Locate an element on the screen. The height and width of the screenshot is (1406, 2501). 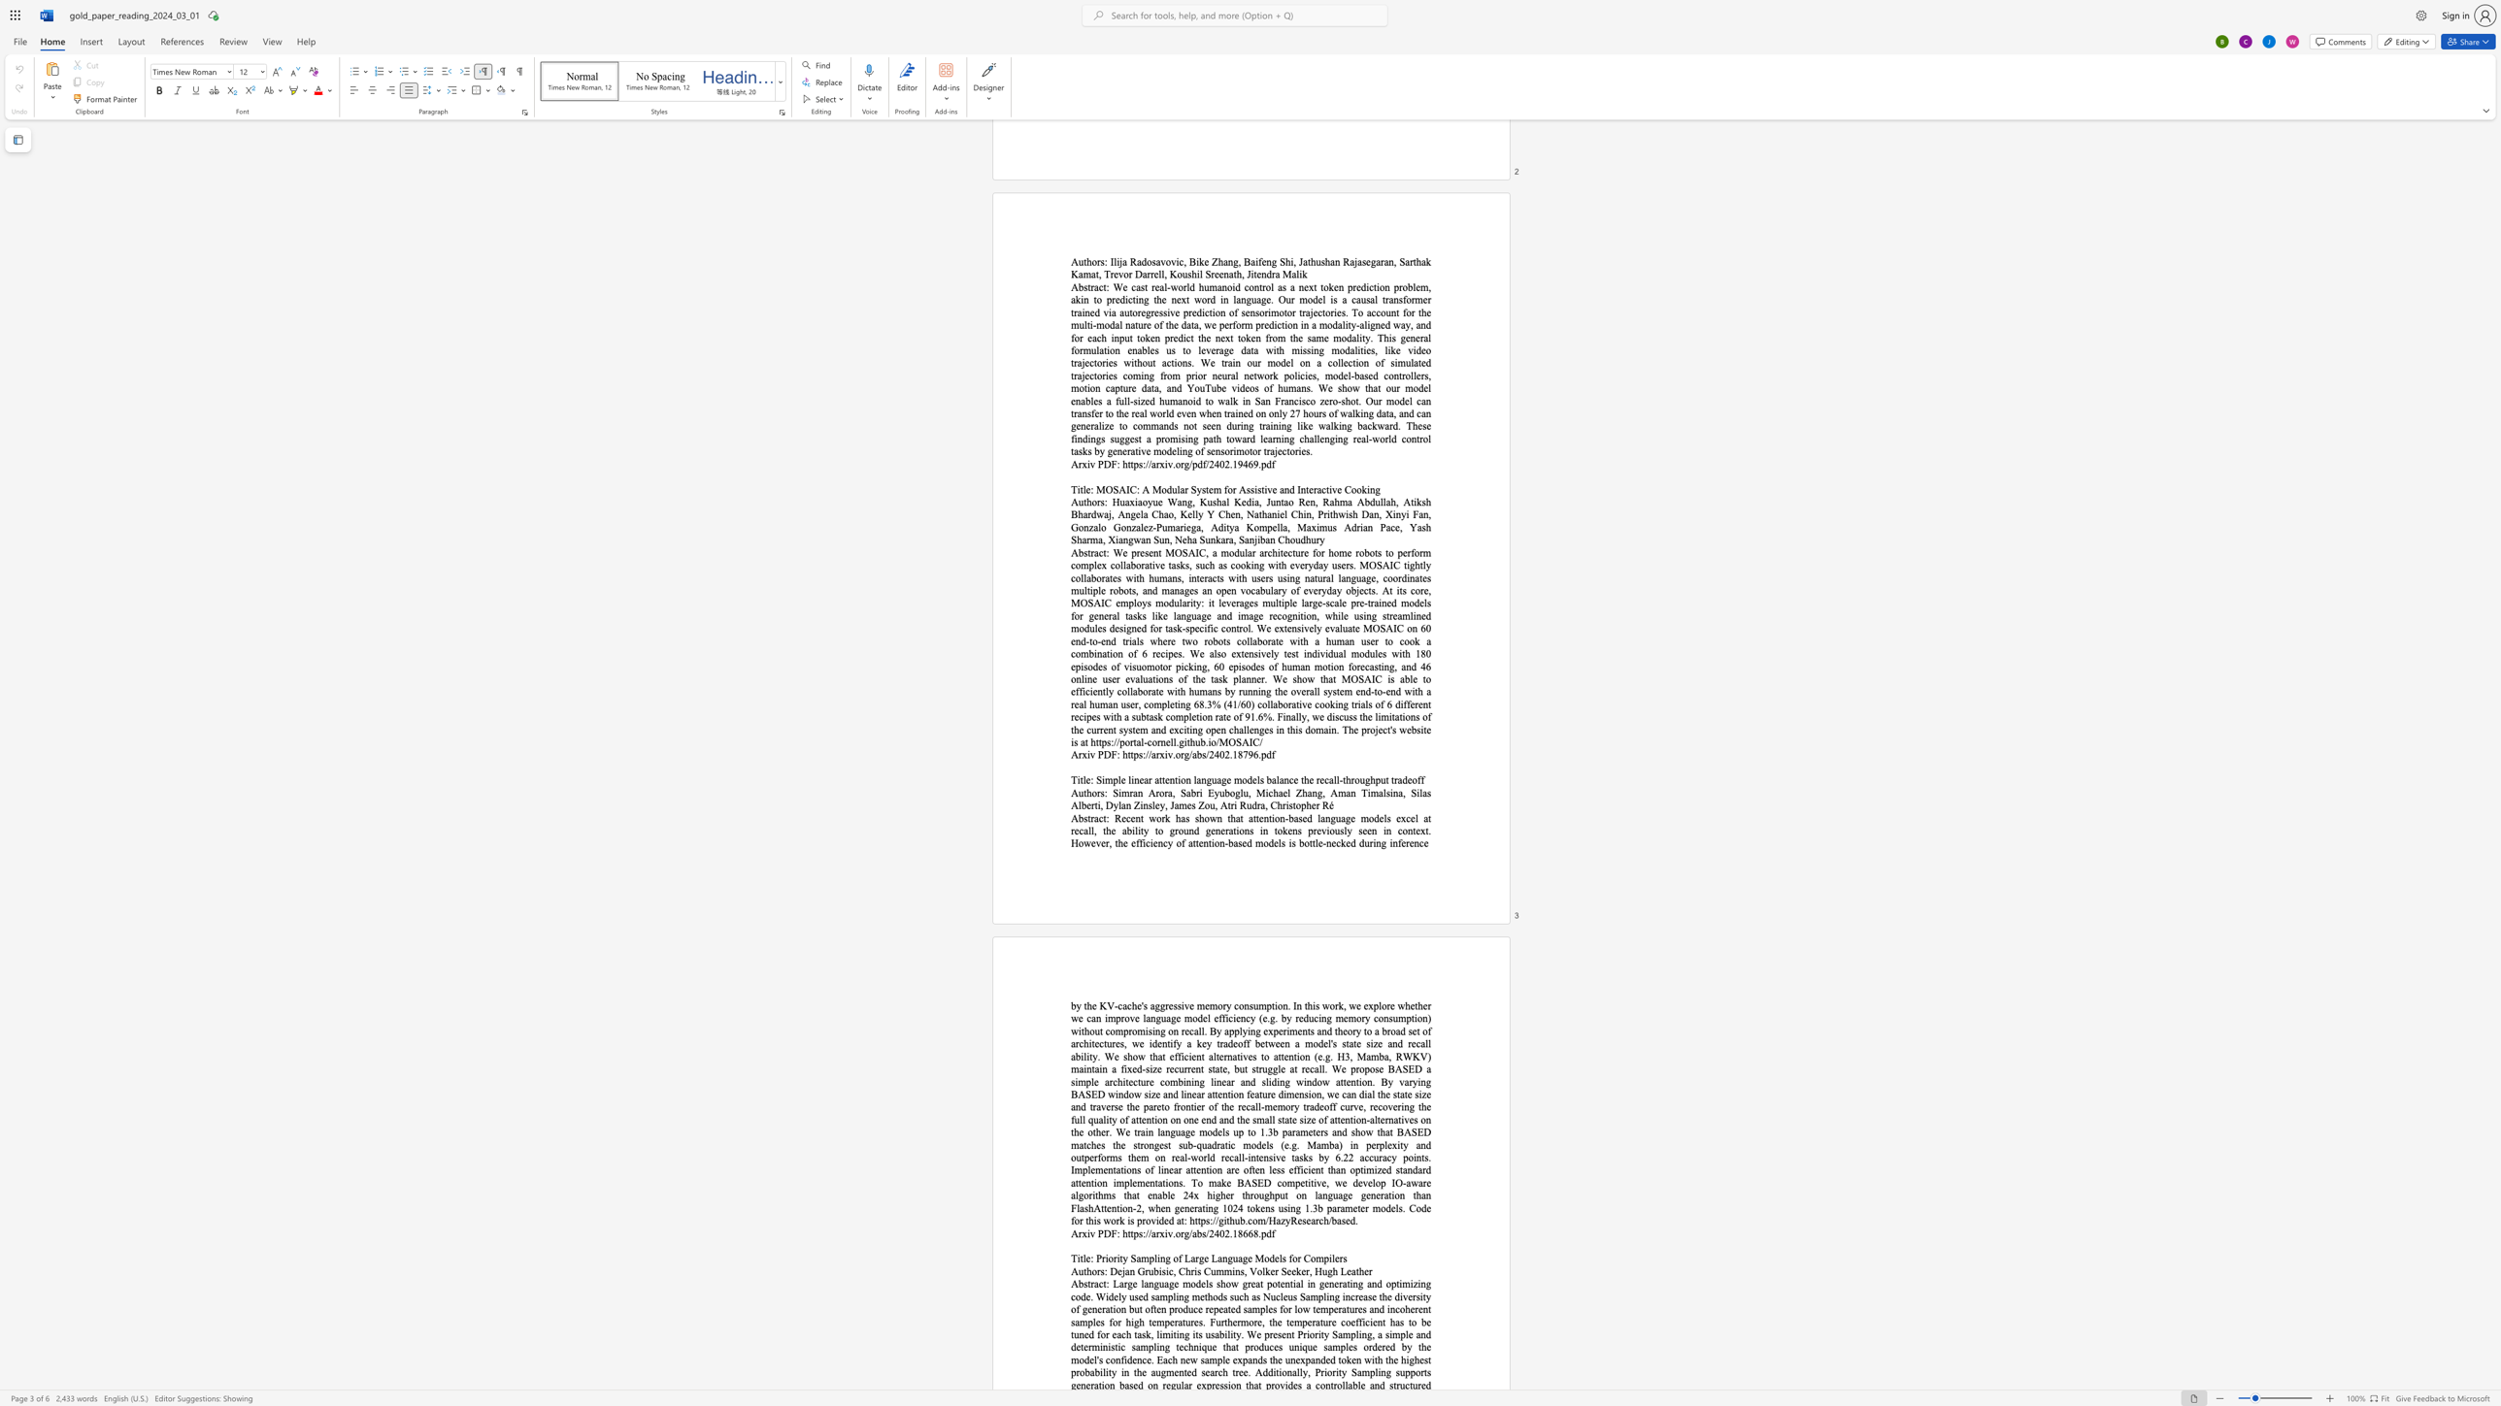
the 1th character "g" in the text is located at coordinates (1186, 1233).